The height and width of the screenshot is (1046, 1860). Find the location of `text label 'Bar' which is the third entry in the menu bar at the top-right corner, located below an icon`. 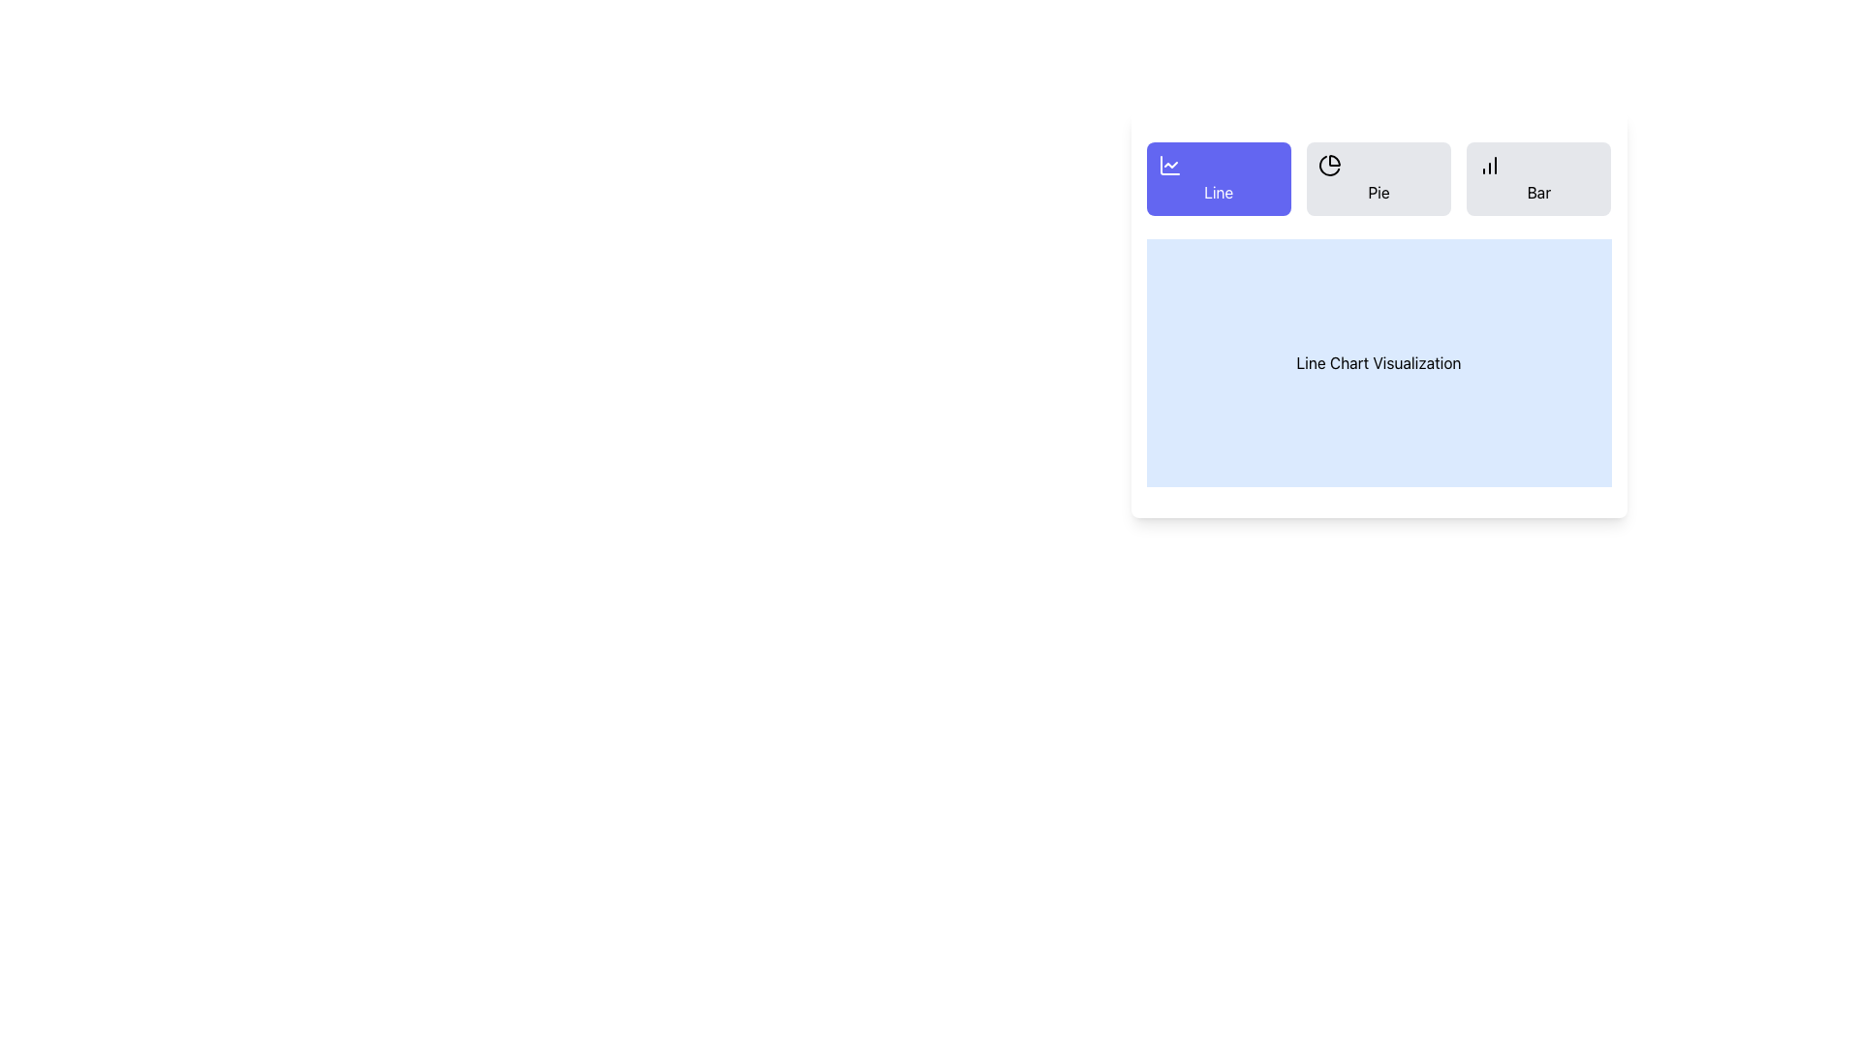

text label 'Bar' which is the third entry in the menu bar at the top-right corner, located below an icon is located at coordinates (1537, 193).